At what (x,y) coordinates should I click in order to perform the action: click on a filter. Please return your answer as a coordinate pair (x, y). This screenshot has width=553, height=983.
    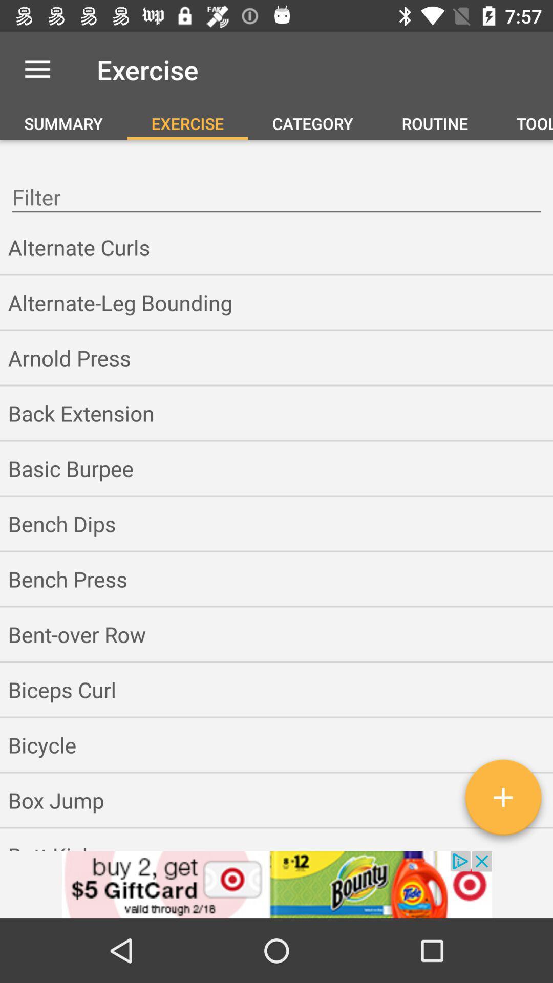
    Looking at the image, I should click on (502, 801).